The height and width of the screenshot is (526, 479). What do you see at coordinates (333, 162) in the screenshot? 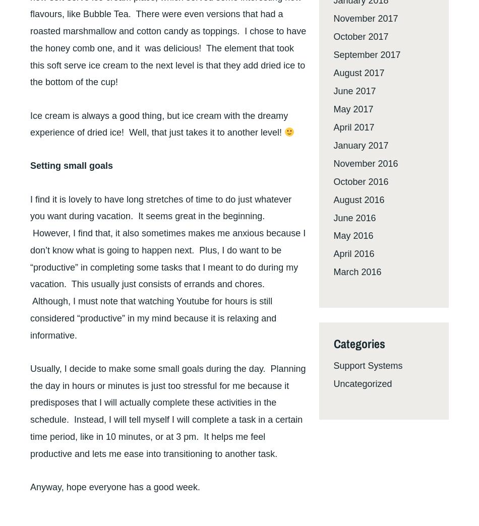
I see `'November 2016'` at bounding box center [333, 162].